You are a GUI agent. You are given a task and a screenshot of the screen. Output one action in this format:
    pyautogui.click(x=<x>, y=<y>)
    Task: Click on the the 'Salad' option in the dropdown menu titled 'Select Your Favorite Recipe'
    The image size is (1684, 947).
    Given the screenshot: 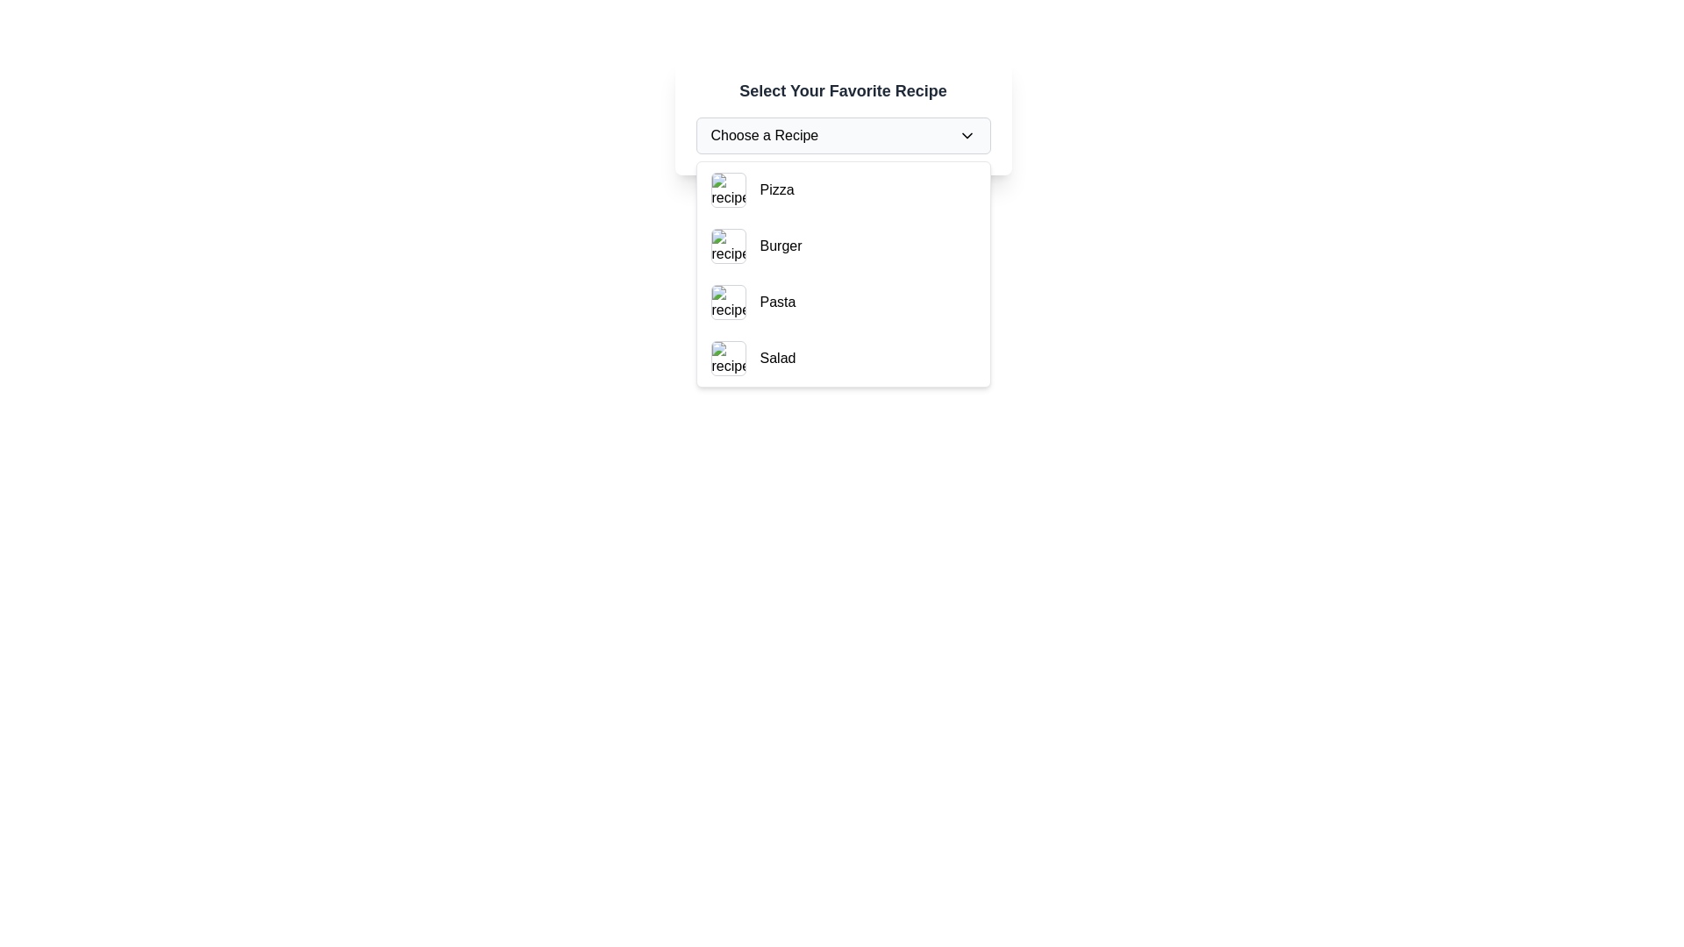 What is the action you would take?
    pyautogui.click(x=843, y=357)
    